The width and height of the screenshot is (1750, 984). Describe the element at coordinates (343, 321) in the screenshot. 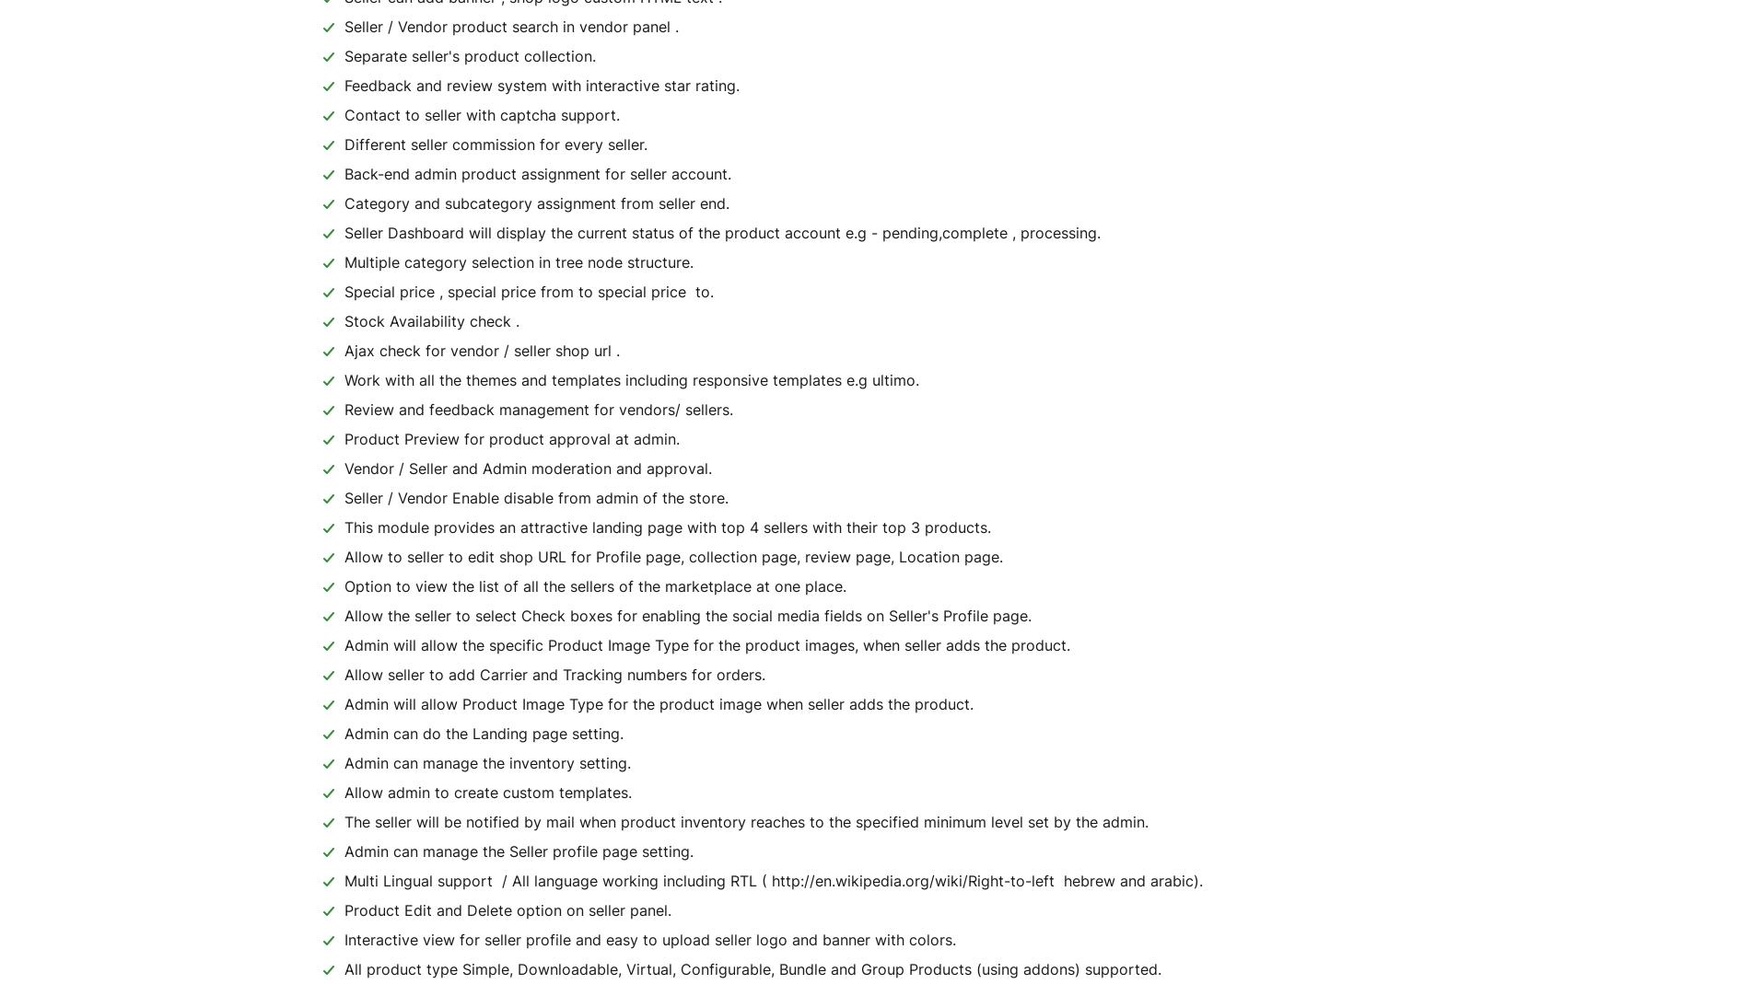

I see `'Stock Availability check .'` at that location.